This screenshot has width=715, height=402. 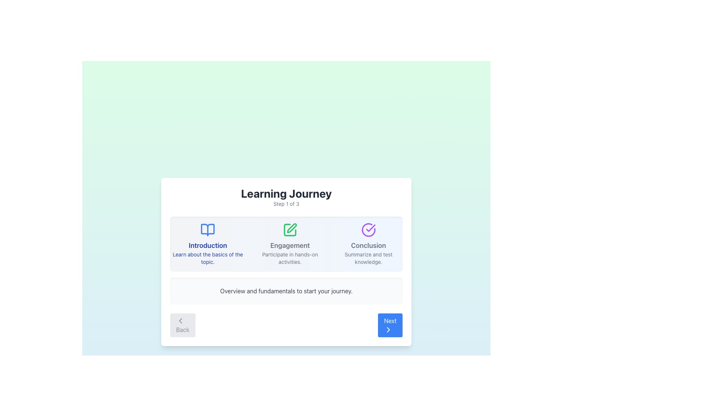 I want to click on the navigation button located at the bottom-left corner of the interface to move to the previous step in the multi-step process, so click(x=182, y=325).